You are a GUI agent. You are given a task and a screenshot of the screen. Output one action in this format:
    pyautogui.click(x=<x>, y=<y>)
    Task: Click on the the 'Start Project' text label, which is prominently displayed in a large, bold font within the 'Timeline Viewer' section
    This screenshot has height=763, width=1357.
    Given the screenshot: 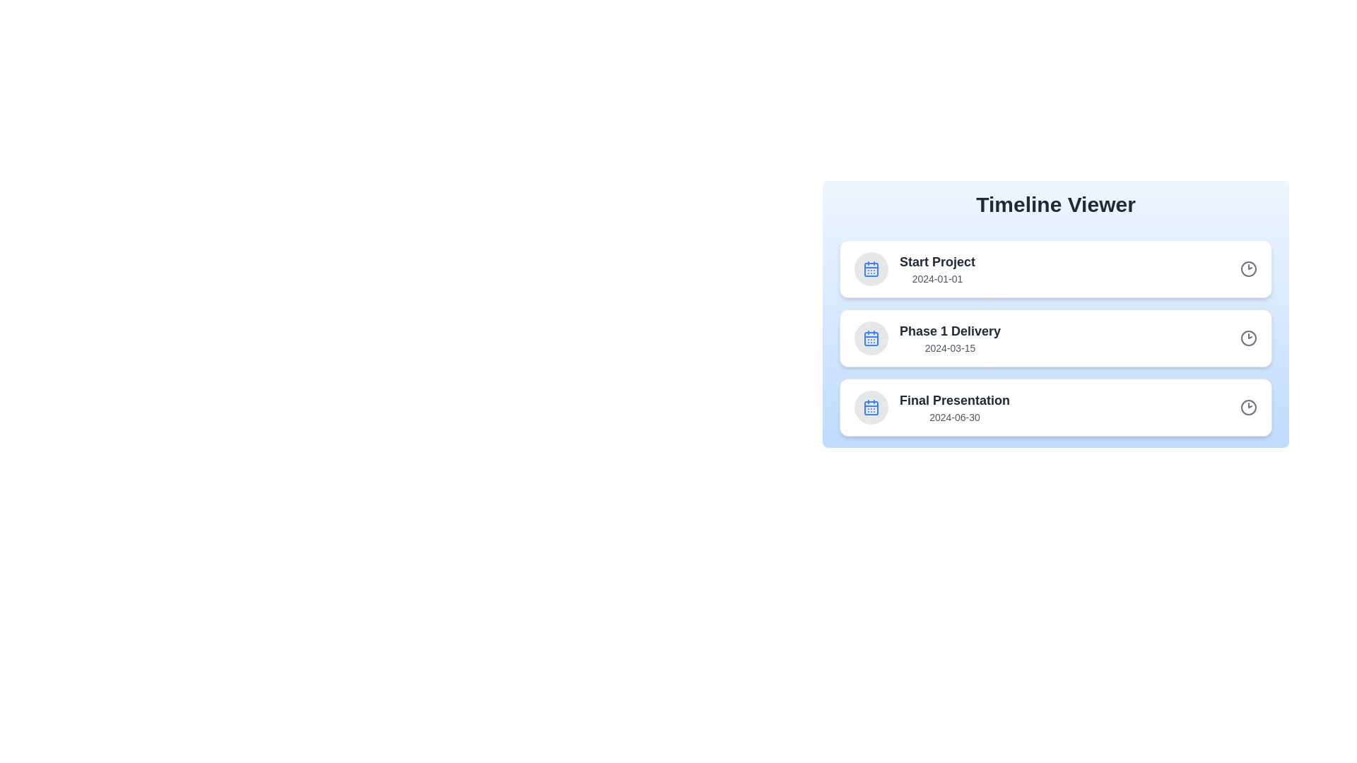 What is the action you would take?
    pyautogui.click(x=937, y=261)
    